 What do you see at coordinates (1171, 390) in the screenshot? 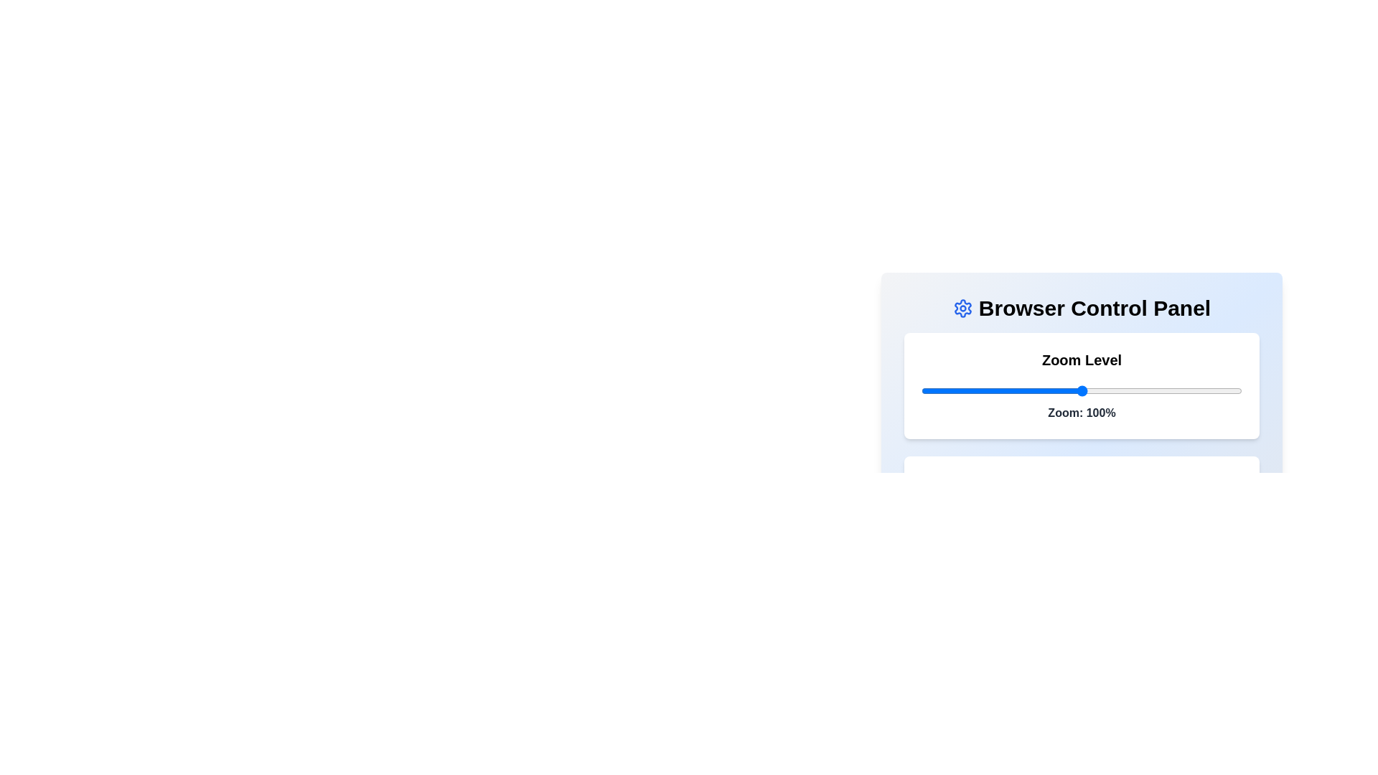
I see `the zoom level to 128% using the slider` at bounding box center [1171, 390].